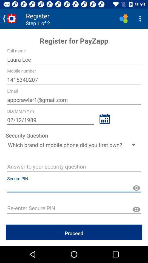 Image resolution: width=148 pixels, height=263 pixels. Describe the element at coordinates (74, 144) in the screenshot. I see `the text box below the security question` at that location.